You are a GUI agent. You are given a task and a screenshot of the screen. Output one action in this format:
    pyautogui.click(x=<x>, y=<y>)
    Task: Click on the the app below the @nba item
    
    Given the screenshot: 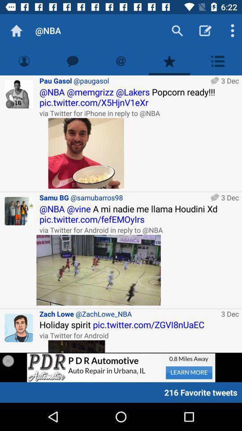 What is the action you would take?
    pyautogui.click(x=72, y=61)
    